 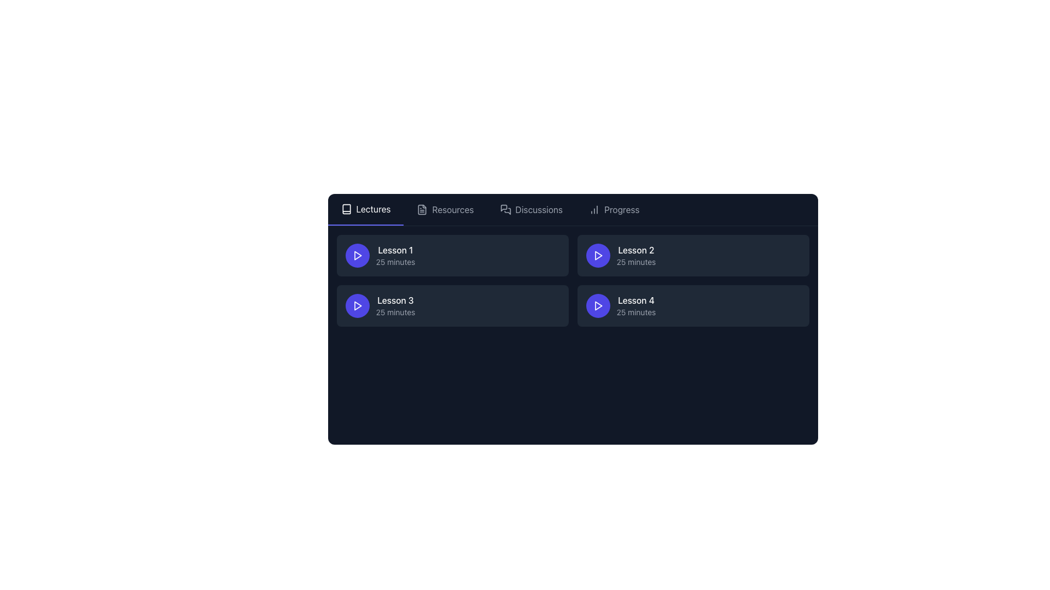 What do you see at coordinates (636, 312) in the screenshot?
I see `duration information displayed in the text label showing '25 minutes', located below the label 'Lesson 4' in the bottom-right corner of the grid layout` at bounding box center [636, 312].